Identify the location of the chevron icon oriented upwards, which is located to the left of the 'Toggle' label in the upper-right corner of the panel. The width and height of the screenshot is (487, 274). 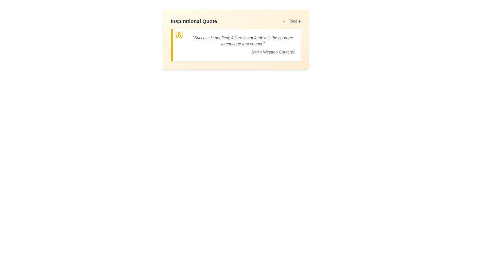
(284, 21).